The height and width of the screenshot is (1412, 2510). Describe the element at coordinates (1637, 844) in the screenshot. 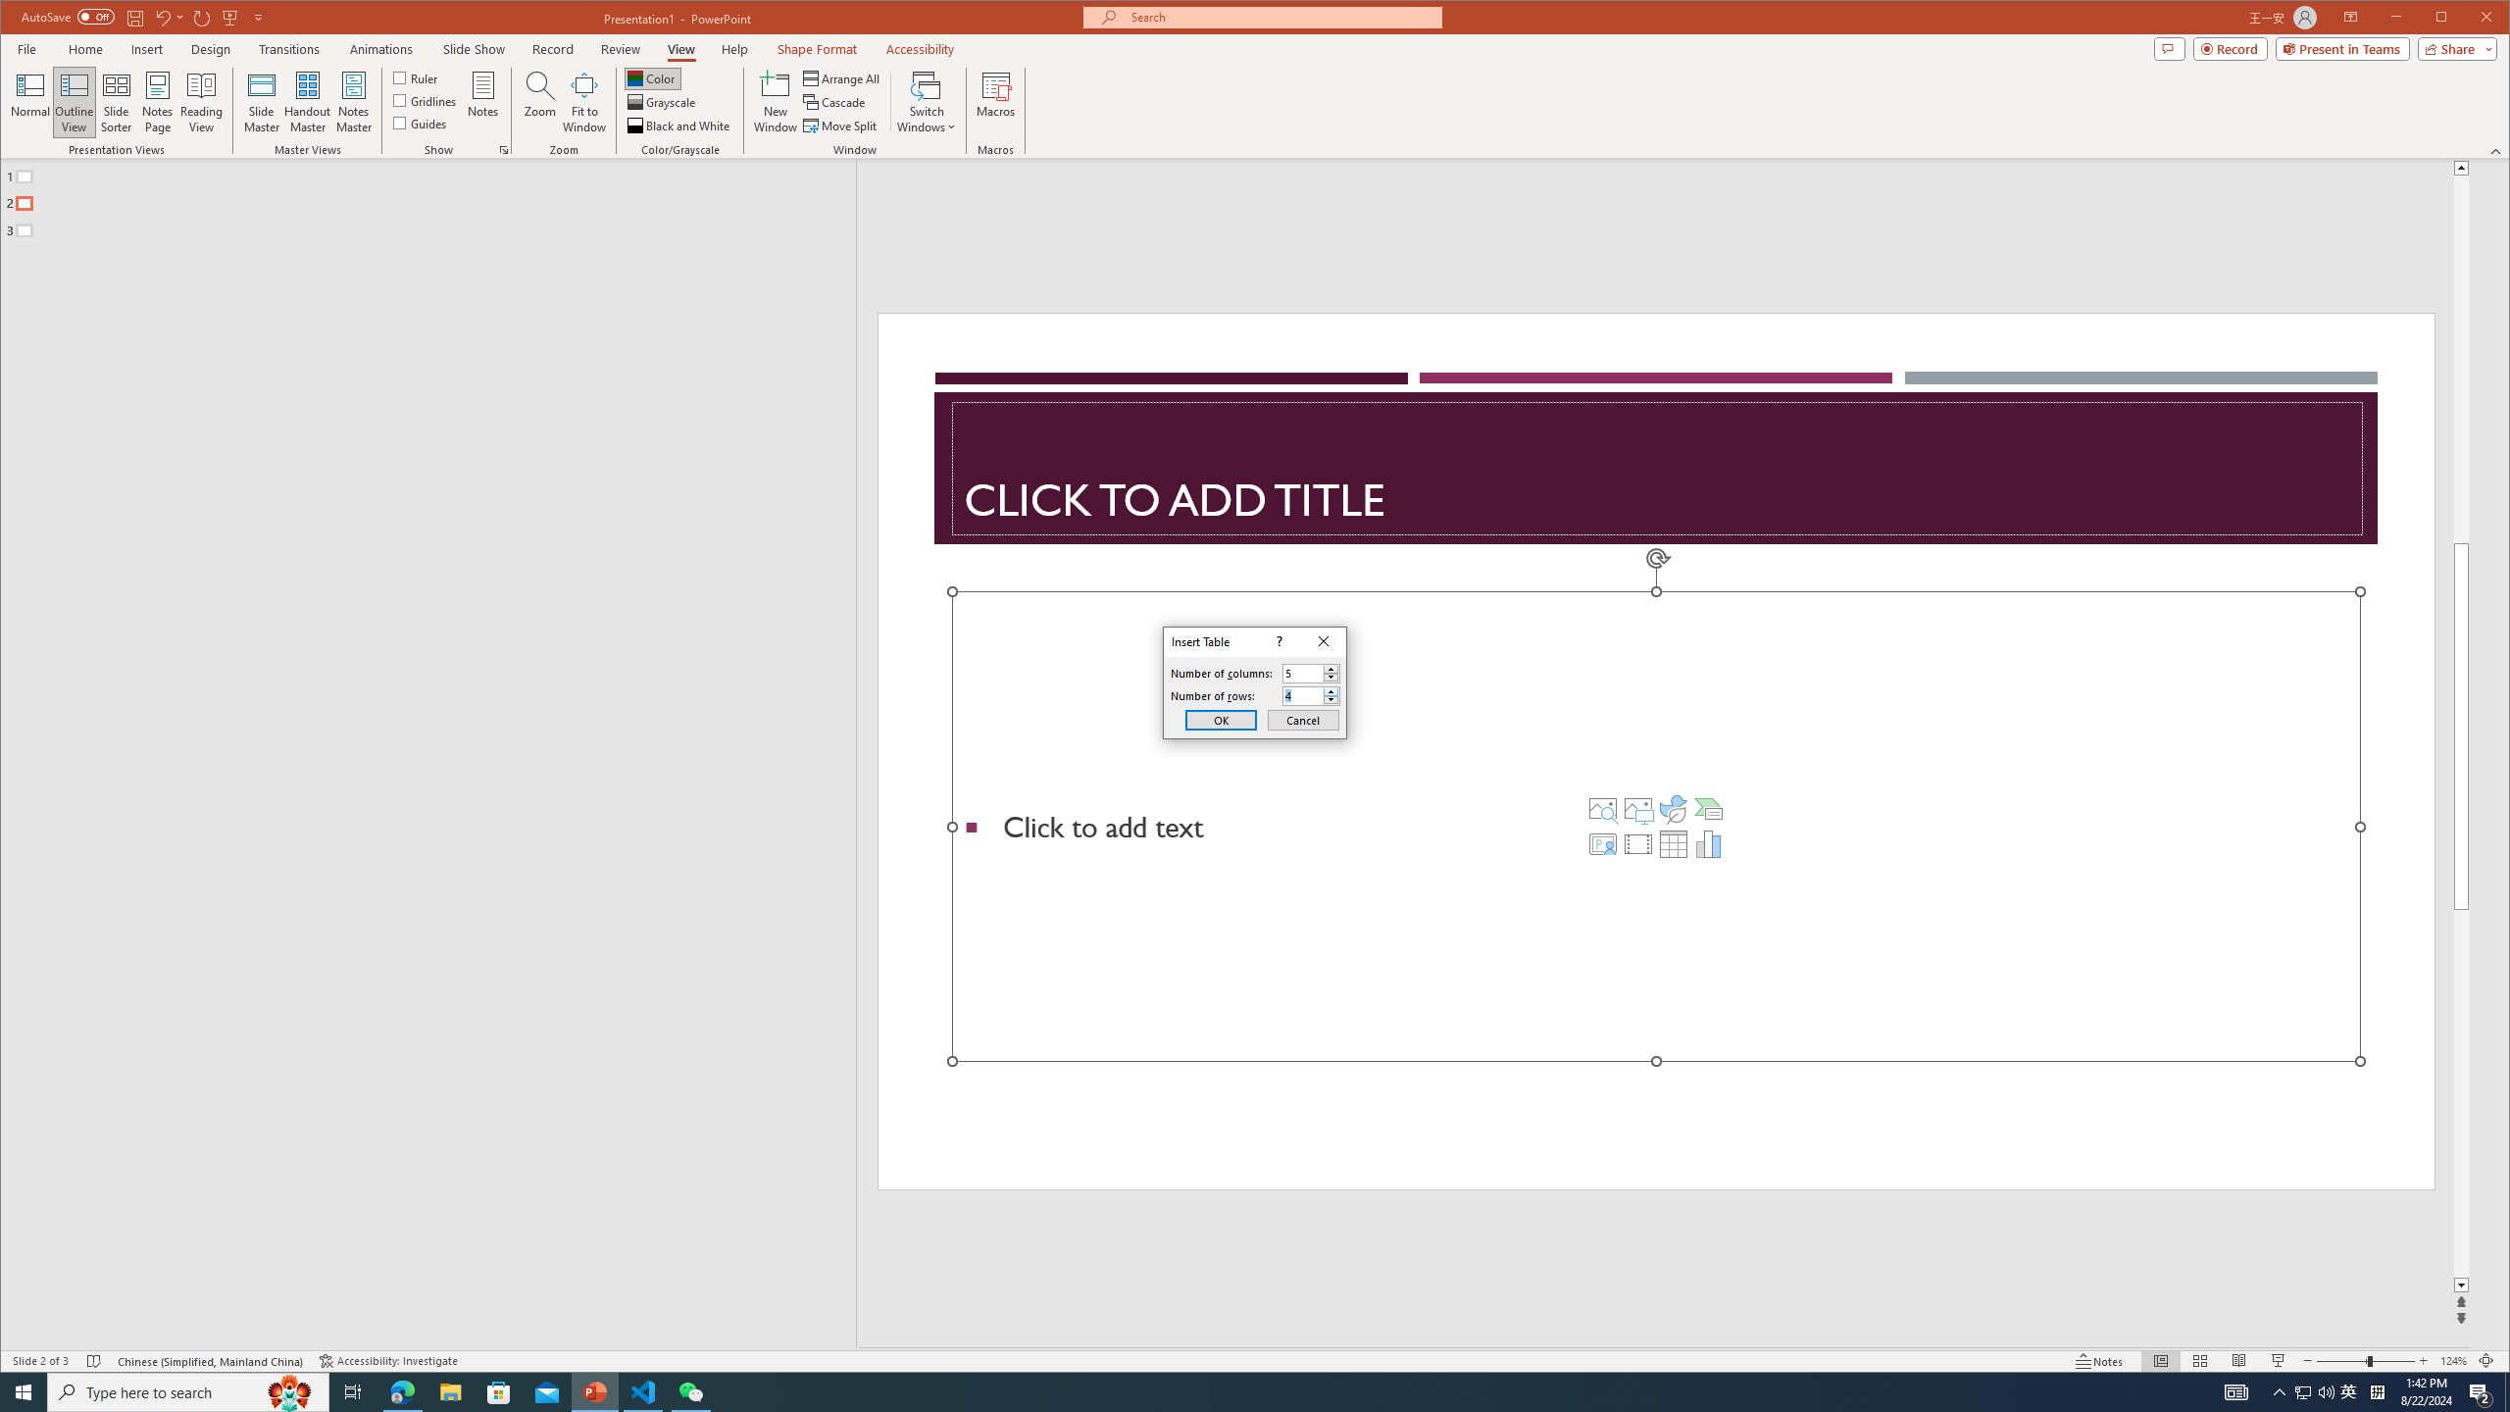

I see `'Insert Video'` at that location.